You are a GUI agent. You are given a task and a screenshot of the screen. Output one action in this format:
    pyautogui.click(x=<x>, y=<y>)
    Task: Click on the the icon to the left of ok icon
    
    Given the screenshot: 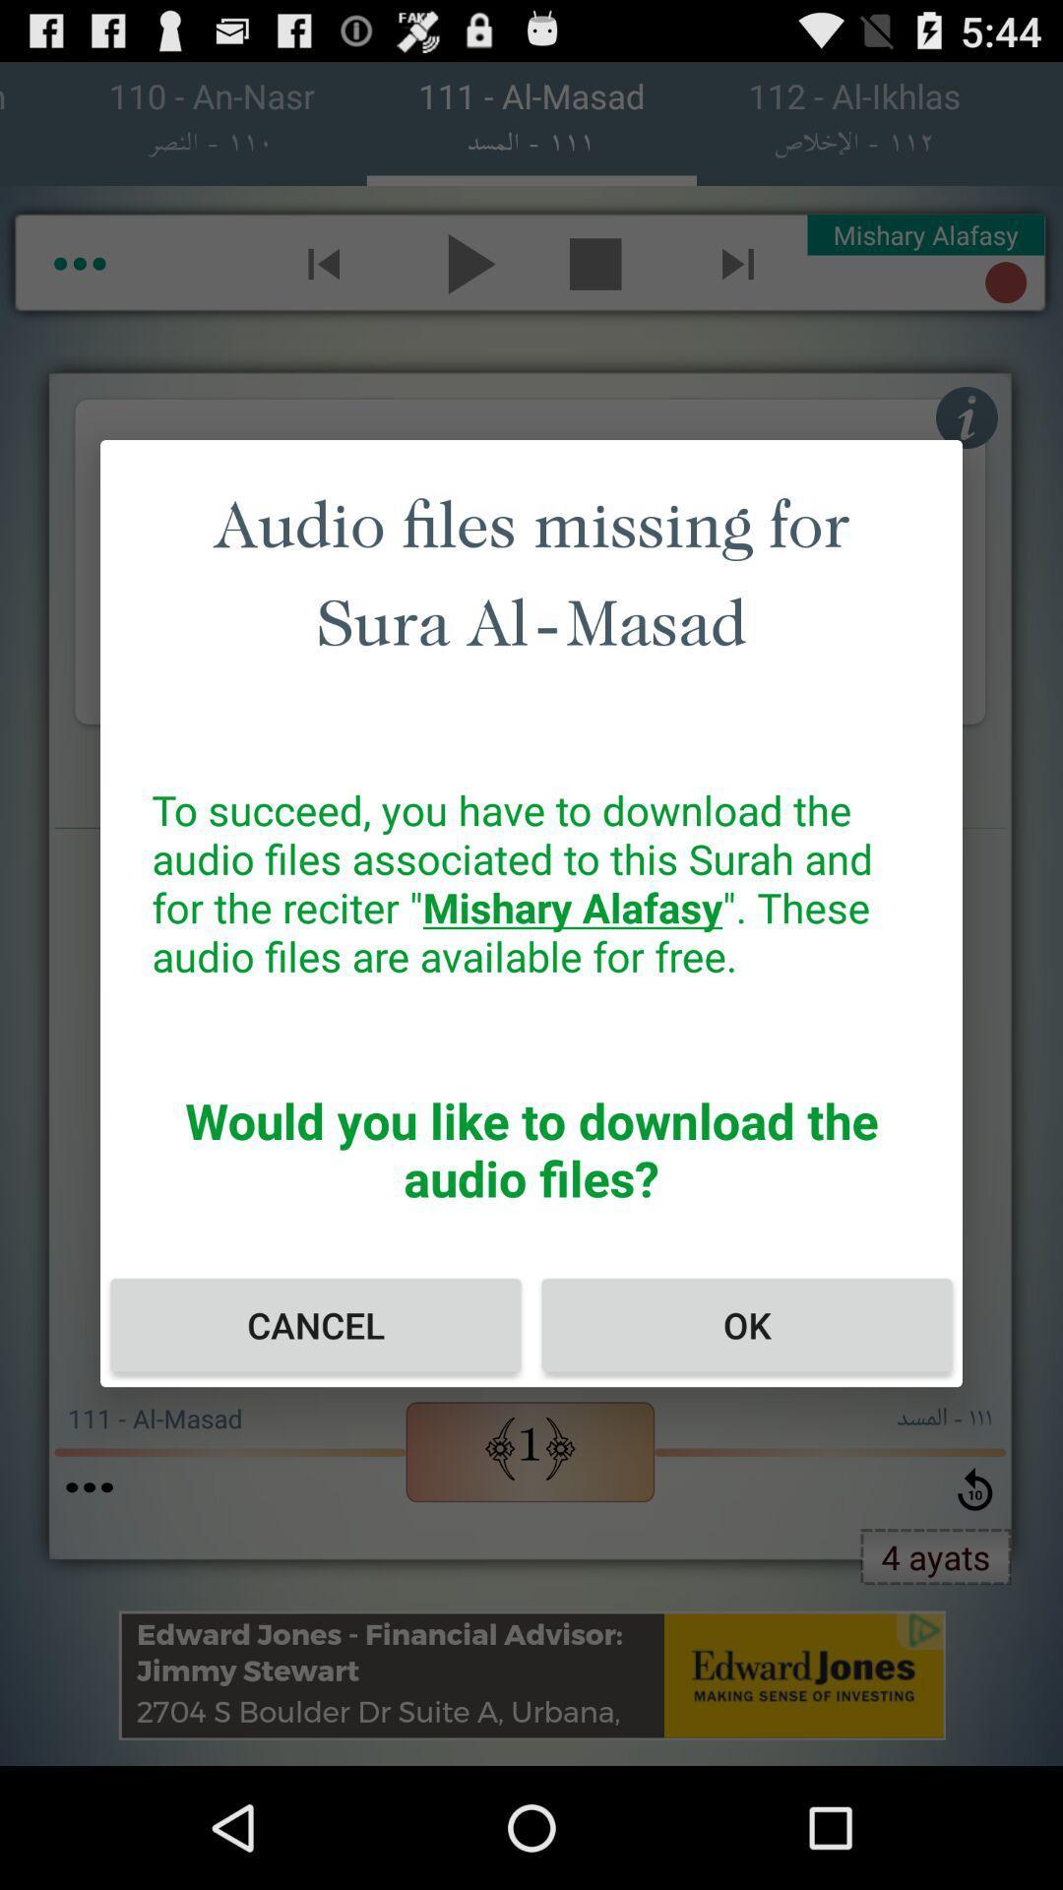 What is the action you would take?
    pyautogui.click(x=314, y=1325)
    